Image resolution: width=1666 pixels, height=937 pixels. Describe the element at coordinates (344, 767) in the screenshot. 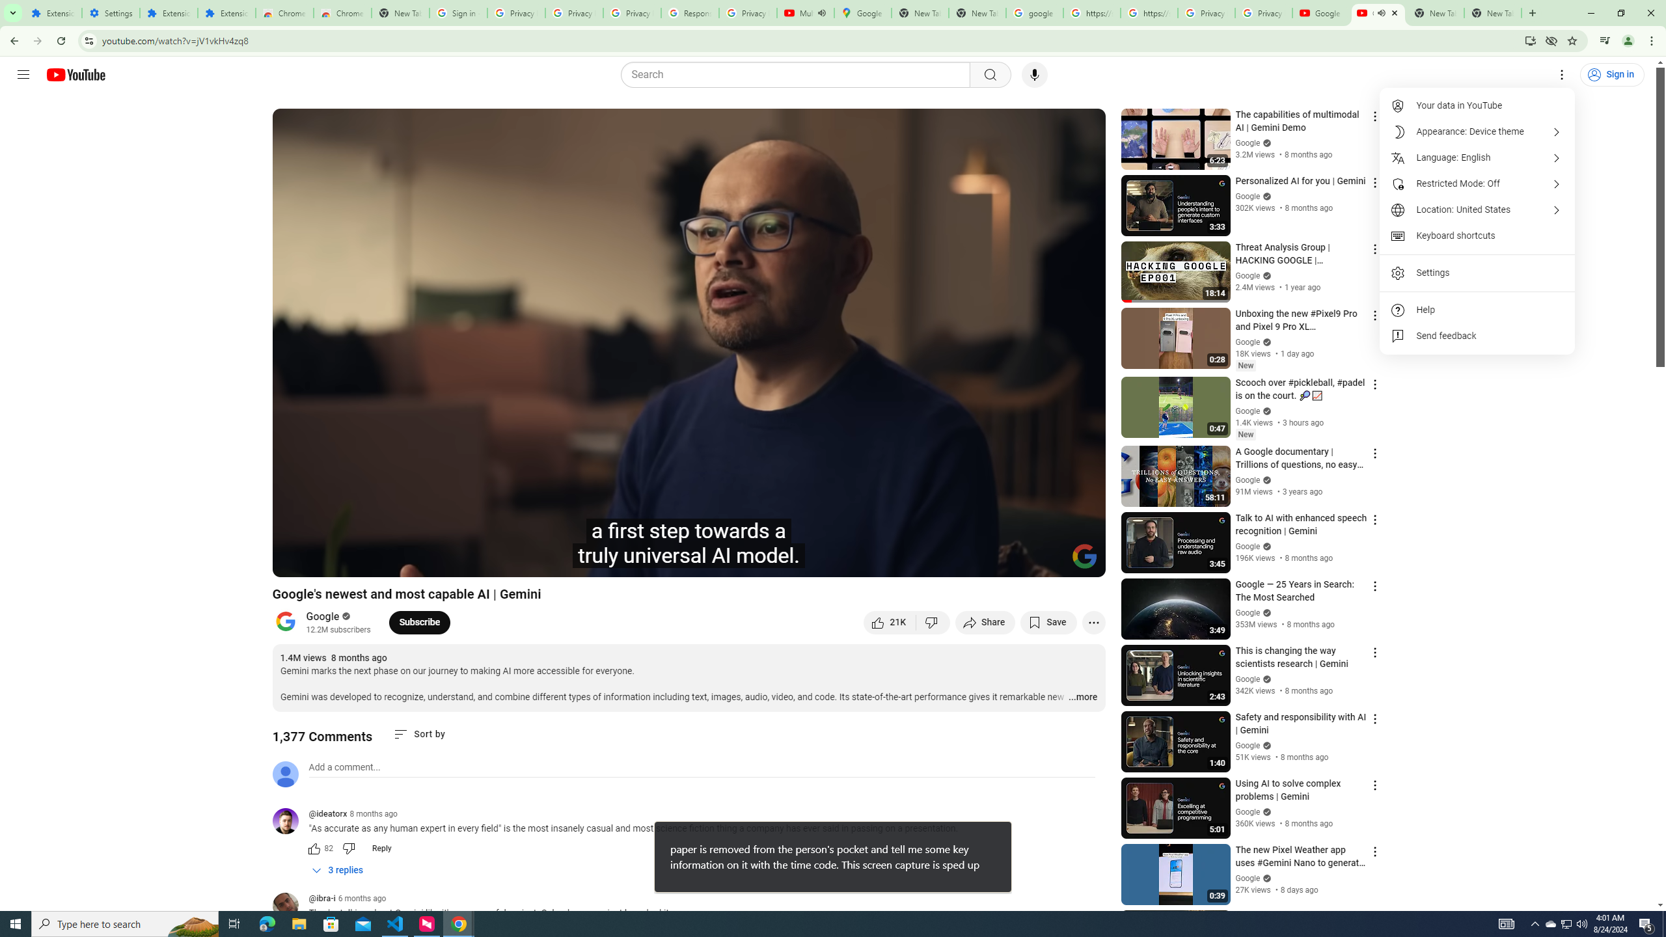

I see `'AutomationID: simplebox-placeholder'` at that location.